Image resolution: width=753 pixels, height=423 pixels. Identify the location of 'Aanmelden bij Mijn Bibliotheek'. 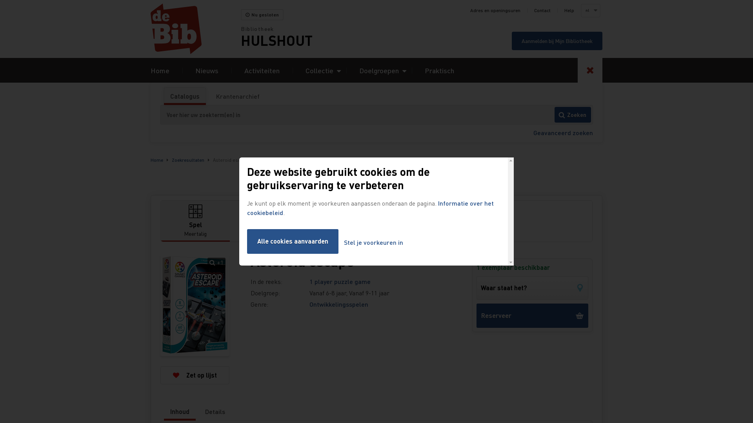
(557, 41).